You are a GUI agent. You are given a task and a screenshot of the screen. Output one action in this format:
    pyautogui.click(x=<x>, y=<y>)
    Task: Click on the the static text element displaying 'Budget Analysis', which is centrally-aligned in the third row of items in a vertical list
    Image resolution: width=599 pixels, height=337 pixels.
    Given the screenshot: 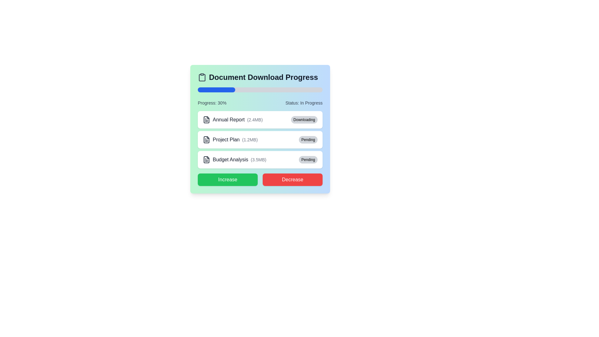 What is the action you would take?
    pyautogui.click(x=230, y=159)
    